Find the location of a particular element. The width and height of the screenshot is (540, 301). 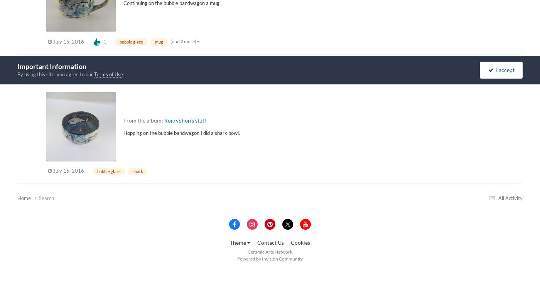

'By using this site, you agree to our' is located at coordinates (56, 74).